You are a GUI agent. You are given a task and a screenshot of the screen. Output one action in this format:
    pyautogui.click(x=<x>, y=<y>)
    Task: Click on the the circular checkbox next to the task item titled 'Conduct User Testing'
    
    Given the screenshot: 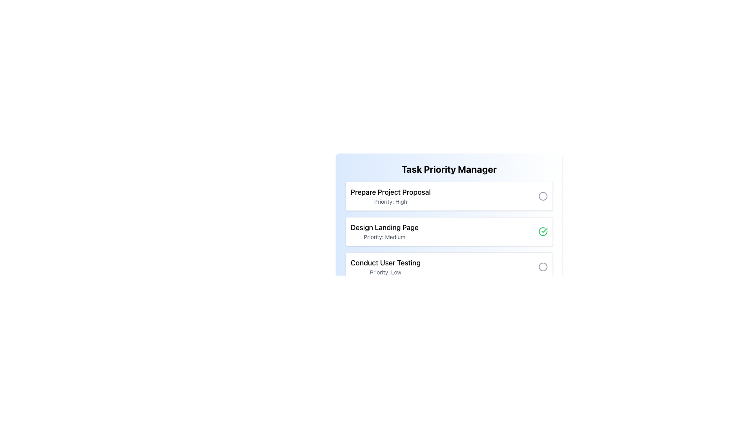 What is the action you would take?
    pyautogui.click(x=449, y=266)
    